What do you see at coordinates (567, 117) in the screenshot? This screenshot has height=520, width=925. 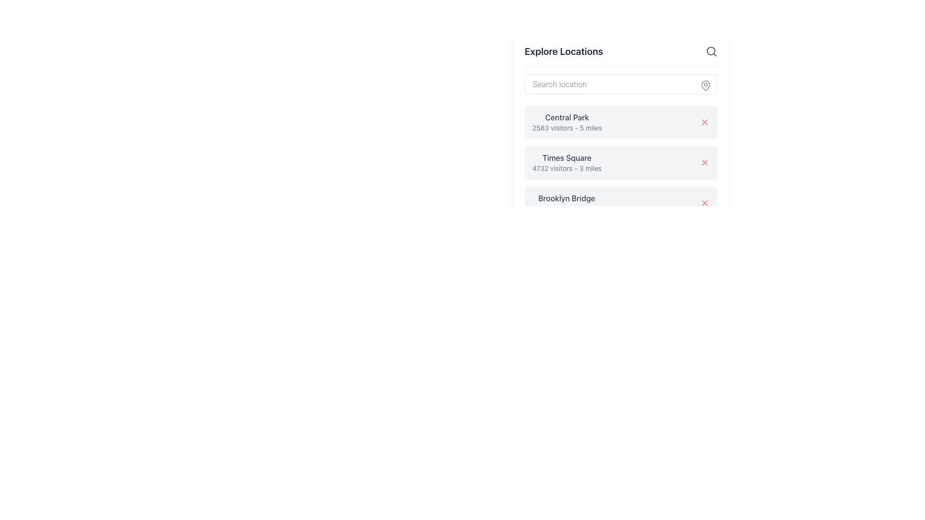 I see `the 'Central Park' text label, which represents the name of a location in the list of locations for exploration, located at the top of its list entry under the 'Explore Locations' header` at bounding box center [567, 117].